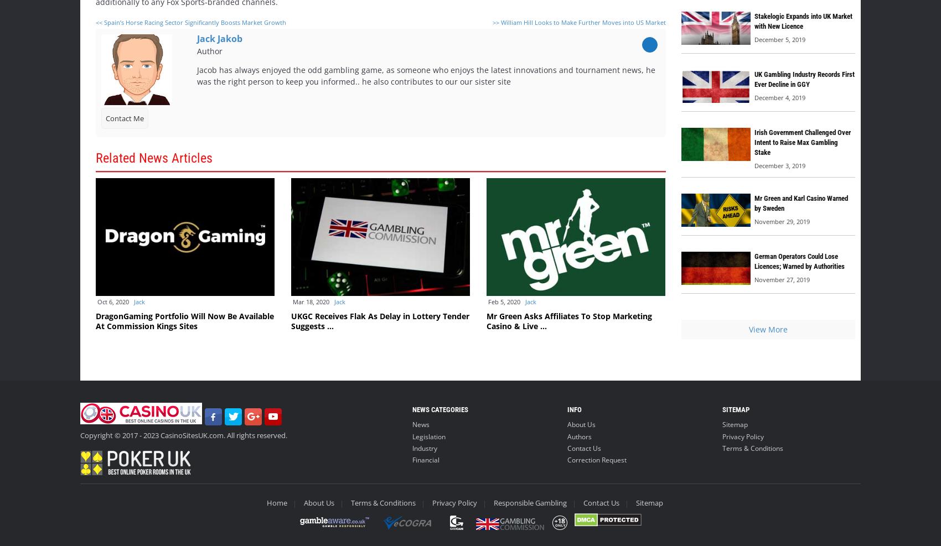  I want to click on 'Jack Jakob', so click(219, 38).